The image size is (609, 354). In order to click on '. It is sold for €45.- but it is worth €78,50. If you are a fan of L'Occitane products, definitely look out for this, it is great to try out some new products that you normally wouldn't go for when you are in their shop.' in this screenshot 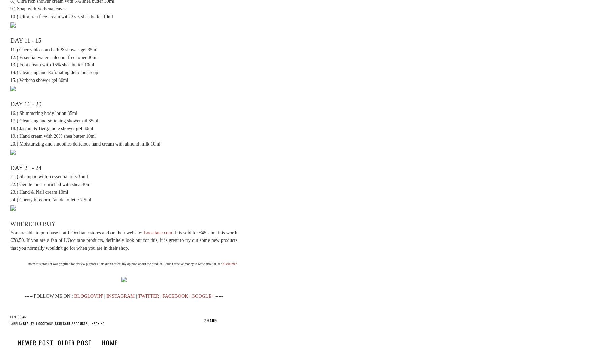, I will do `click(124, 239)`.